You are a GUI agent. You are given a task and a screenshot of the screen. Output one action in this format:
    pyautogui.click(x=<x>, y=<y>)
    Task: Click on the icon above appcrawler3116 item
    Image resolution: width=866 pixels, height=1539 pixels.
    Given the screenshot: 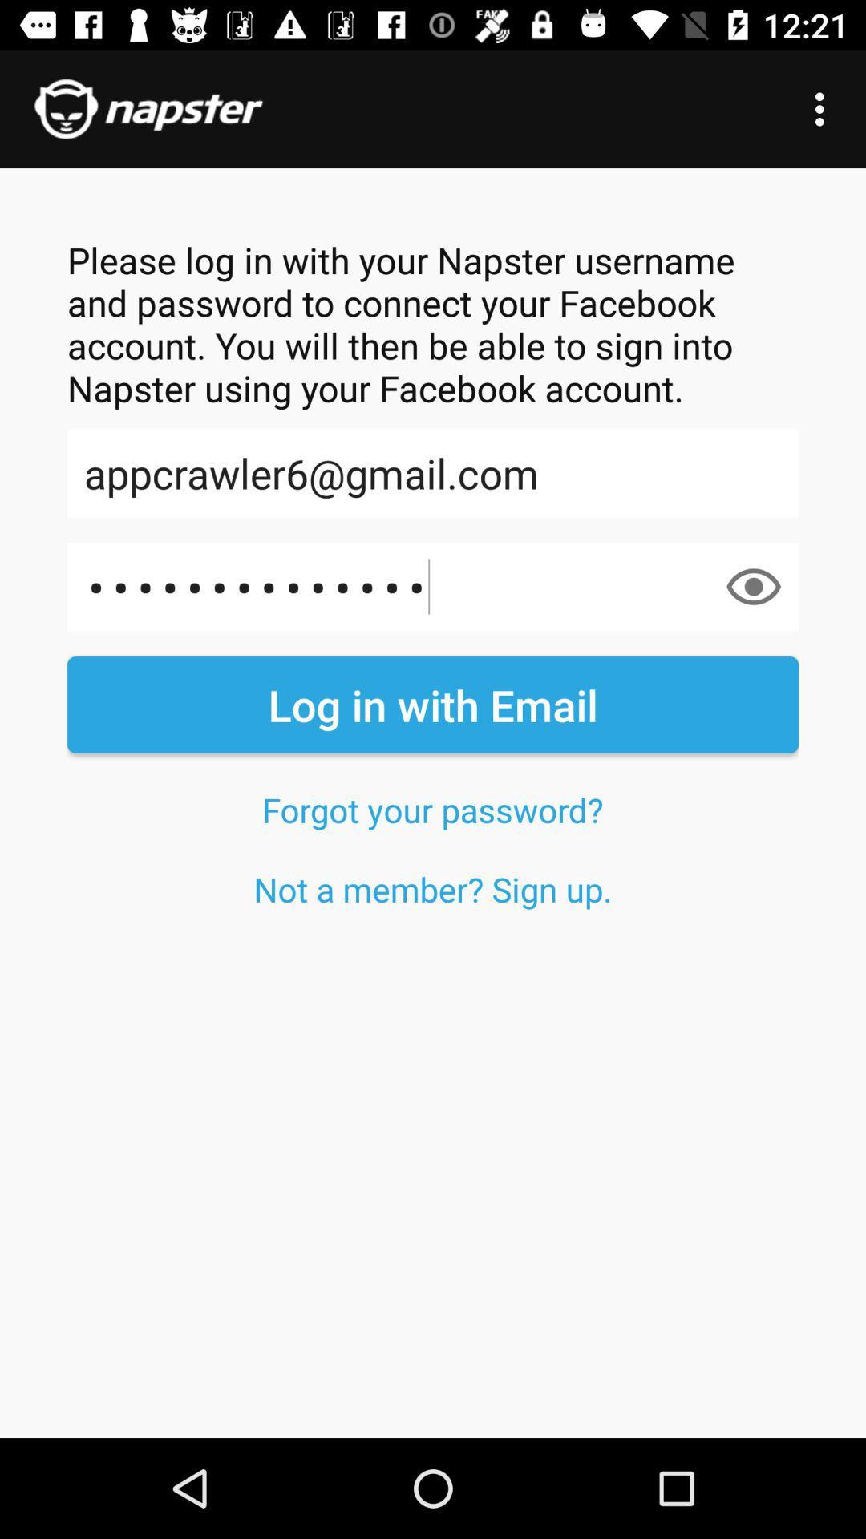 What is the action you would take?
    pyautogui.click(x=433, y=472)
    